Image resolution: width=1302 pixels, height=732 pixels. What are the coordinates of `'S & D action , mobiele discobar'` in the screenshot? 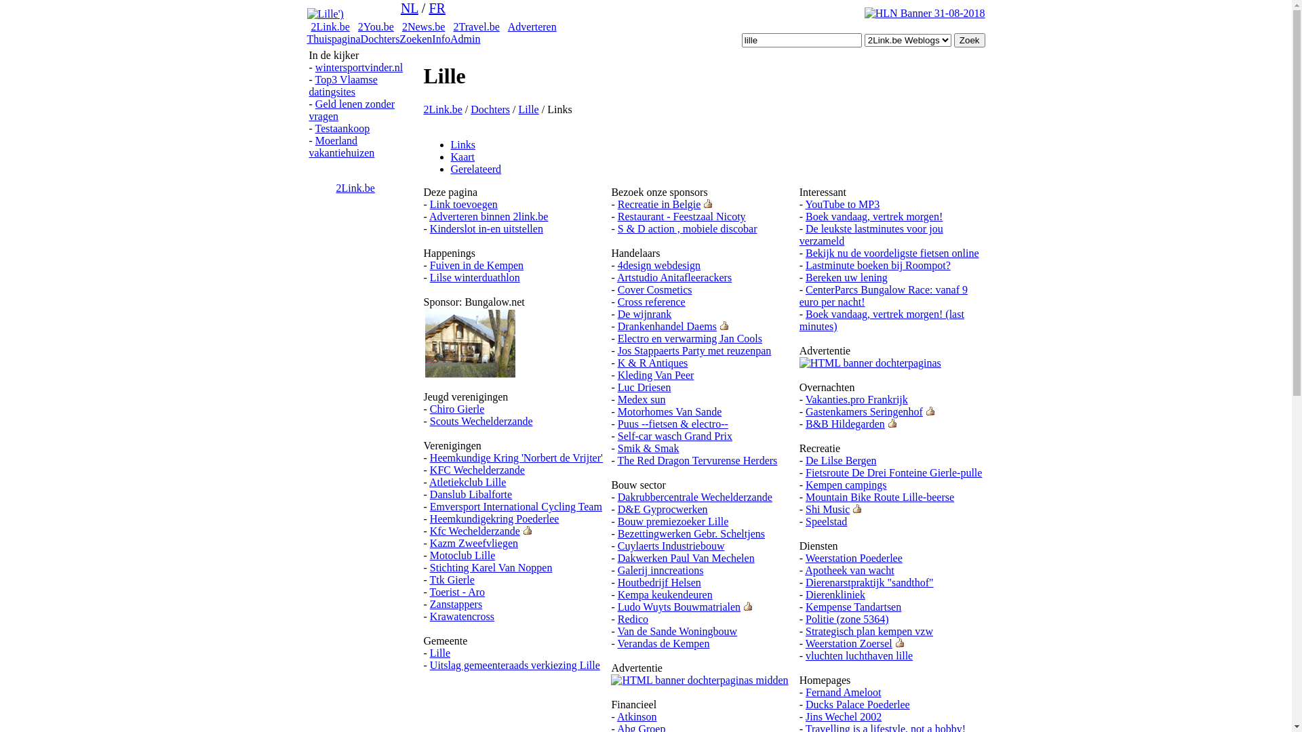 It's located at (687, 228).